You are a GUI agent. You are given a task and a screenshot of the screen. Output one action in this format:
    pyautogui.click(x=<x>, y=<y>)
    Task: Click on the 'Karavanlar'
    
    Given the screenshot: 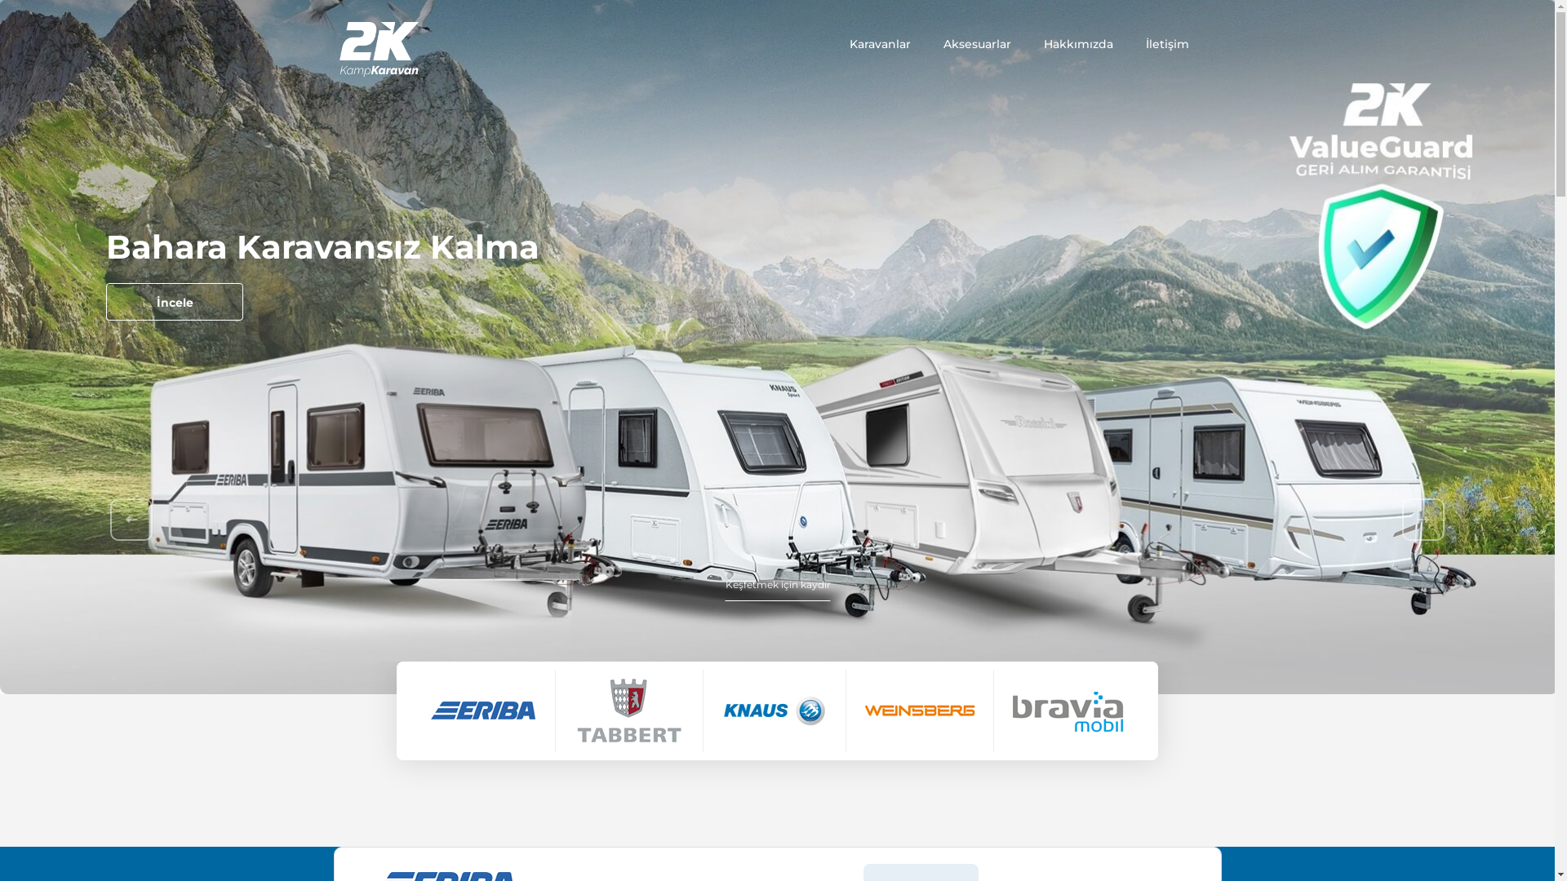 What is the action you would take?
    pyautogui.click(x=878, y=43)
    